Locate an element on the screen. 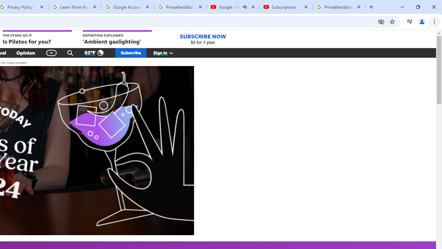 The image size is (442, 249). 'Control your music, videos, and more' is located at coordinates (409, 21).